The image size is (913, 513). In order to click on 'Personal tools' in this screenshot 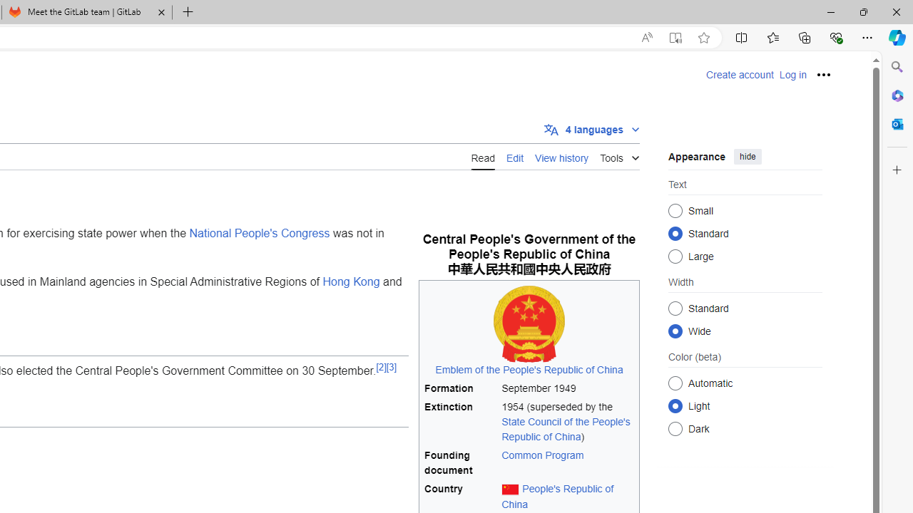, I will do `click(824, 75)`.